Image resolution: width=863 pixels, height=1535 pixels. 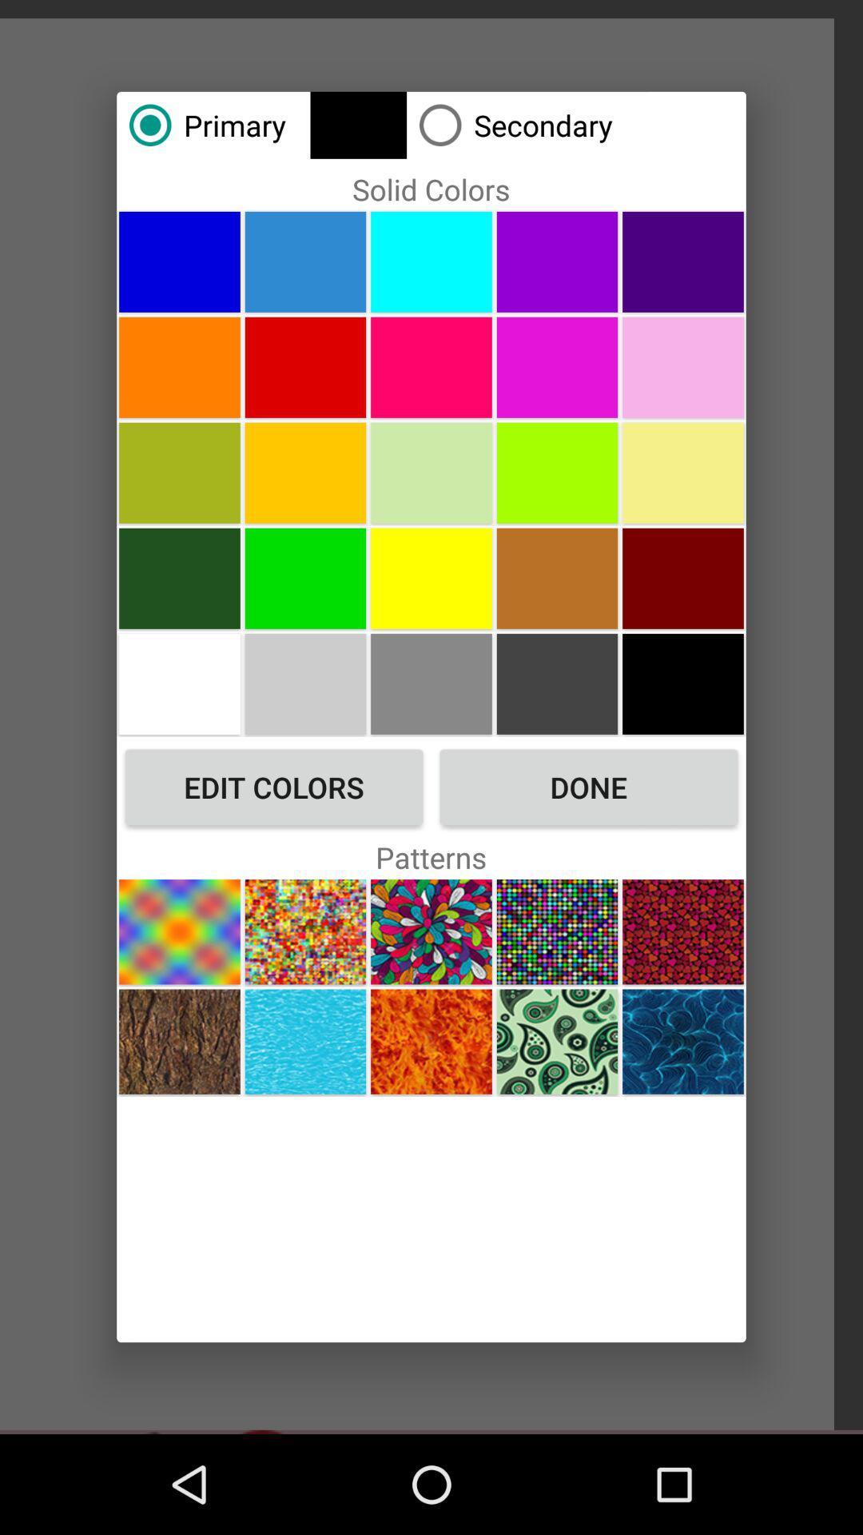 I want to click on color choice, so click(x=683, y=366).